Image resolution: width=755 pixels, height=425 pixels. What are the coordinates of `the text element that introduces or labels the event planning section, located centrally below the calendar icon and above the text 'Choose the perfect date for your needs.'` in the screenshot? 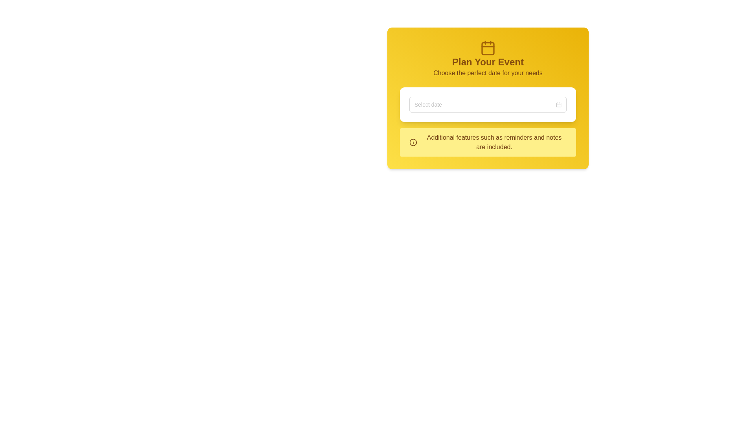 It's located at (488, 62).